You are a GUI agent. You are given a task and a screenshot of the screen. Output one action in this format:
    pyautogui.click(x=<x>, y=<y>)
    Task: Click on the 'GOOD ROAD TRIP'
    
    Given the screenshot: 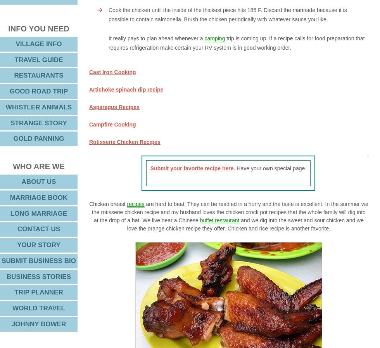 What is the action you would take?
    pyautogui.click(x=38, y=91)
    